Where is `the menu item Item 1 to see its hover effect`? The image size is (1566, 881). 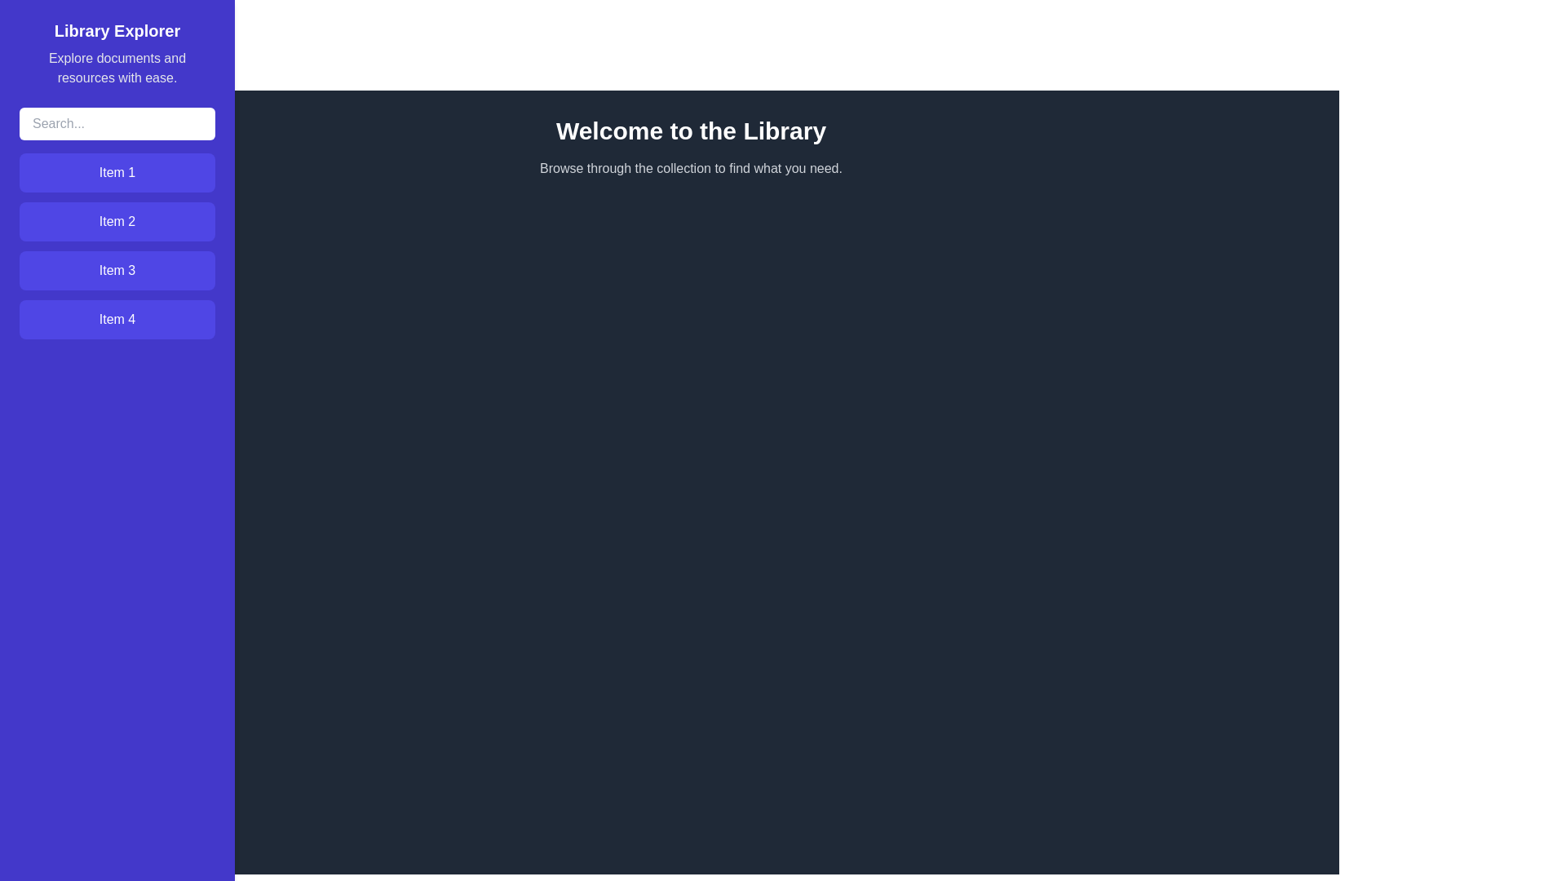
the menu item Item 1 to see its hover effect is located at coordinates (117, 173).